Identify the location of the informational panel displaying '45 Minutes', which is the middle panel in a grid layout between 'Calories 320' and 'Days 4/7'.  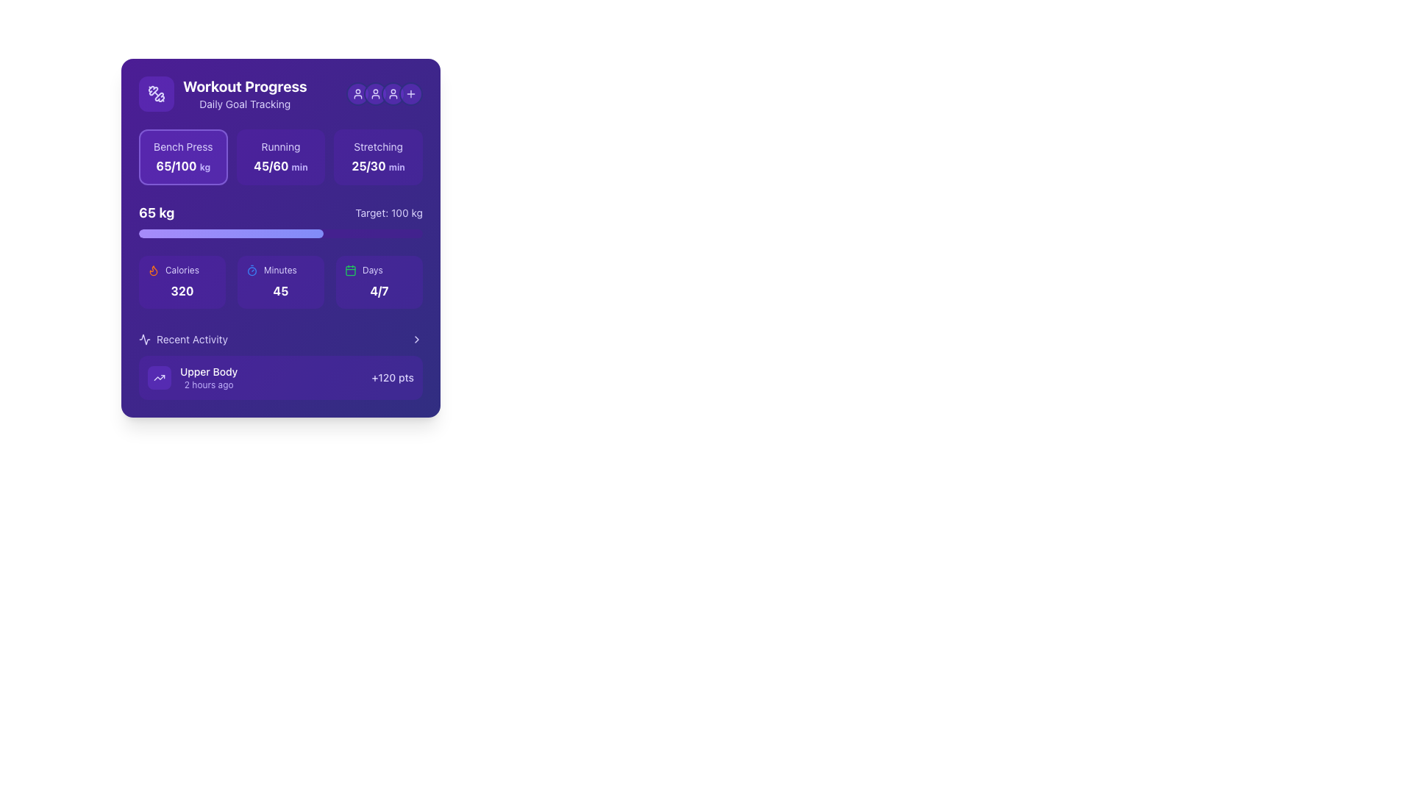
(281, 282).